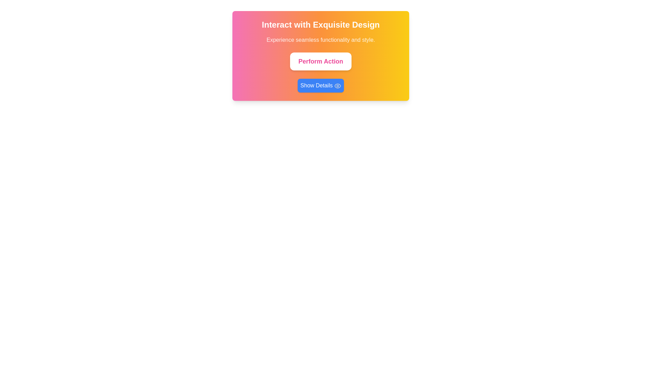  What do you see at coordinates (320, 61) in the screenshot?
I see `the 'Perform Action' button, which is a rectangular button with rounded edges, white background, and pink text, located in the upper half of the card` at bounding box center [320, 61].